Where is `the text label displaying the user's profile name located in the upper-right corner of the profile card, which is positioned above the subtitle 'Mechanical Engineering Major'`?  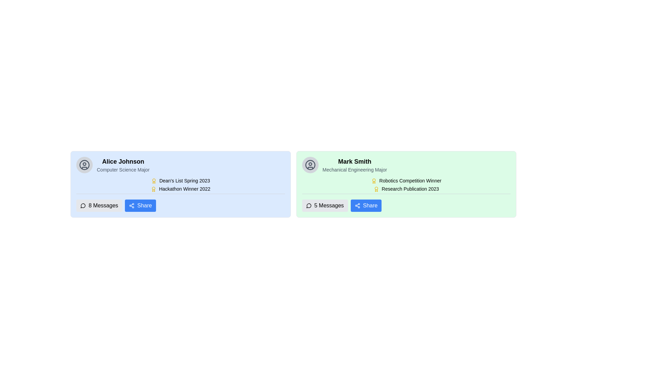 the text label displaying the user's profile name located in the upper-right corner of the profile card, which is positioned above the subtitle 'Mechanical Engineering Major' is located at coordinates (355, 162).